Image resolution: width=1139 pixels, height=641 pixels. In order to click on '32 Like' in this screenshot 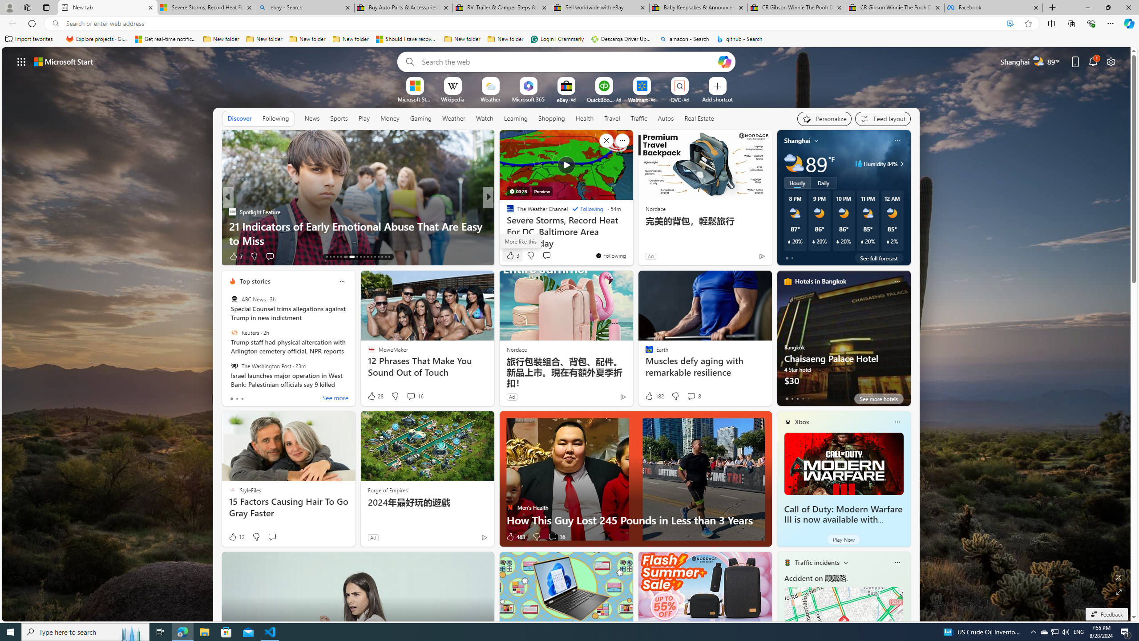, I will do `click(510, 256)`.